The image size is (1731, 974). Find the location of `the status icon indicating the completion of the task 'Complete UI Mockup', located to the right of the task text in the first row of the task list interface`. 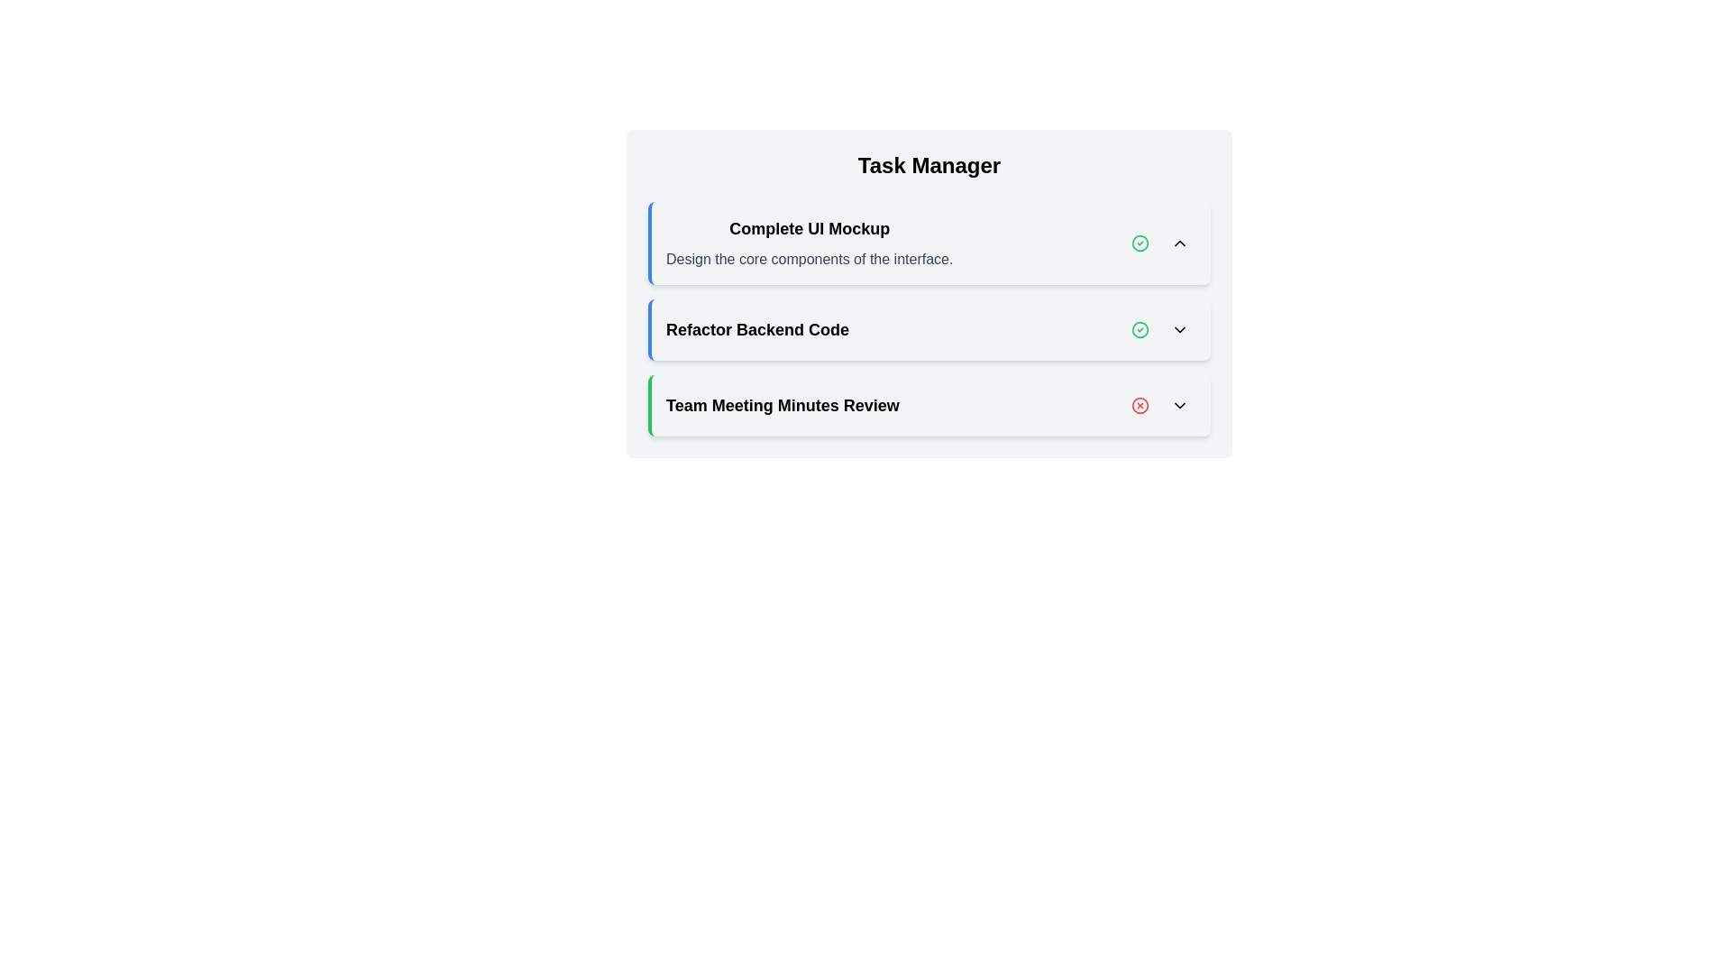

the status icon indicating the completion of the task 'Complete UI Mockup', located to the right of the task text in the first row of the task list interface is located at coordinates (1140, 243).